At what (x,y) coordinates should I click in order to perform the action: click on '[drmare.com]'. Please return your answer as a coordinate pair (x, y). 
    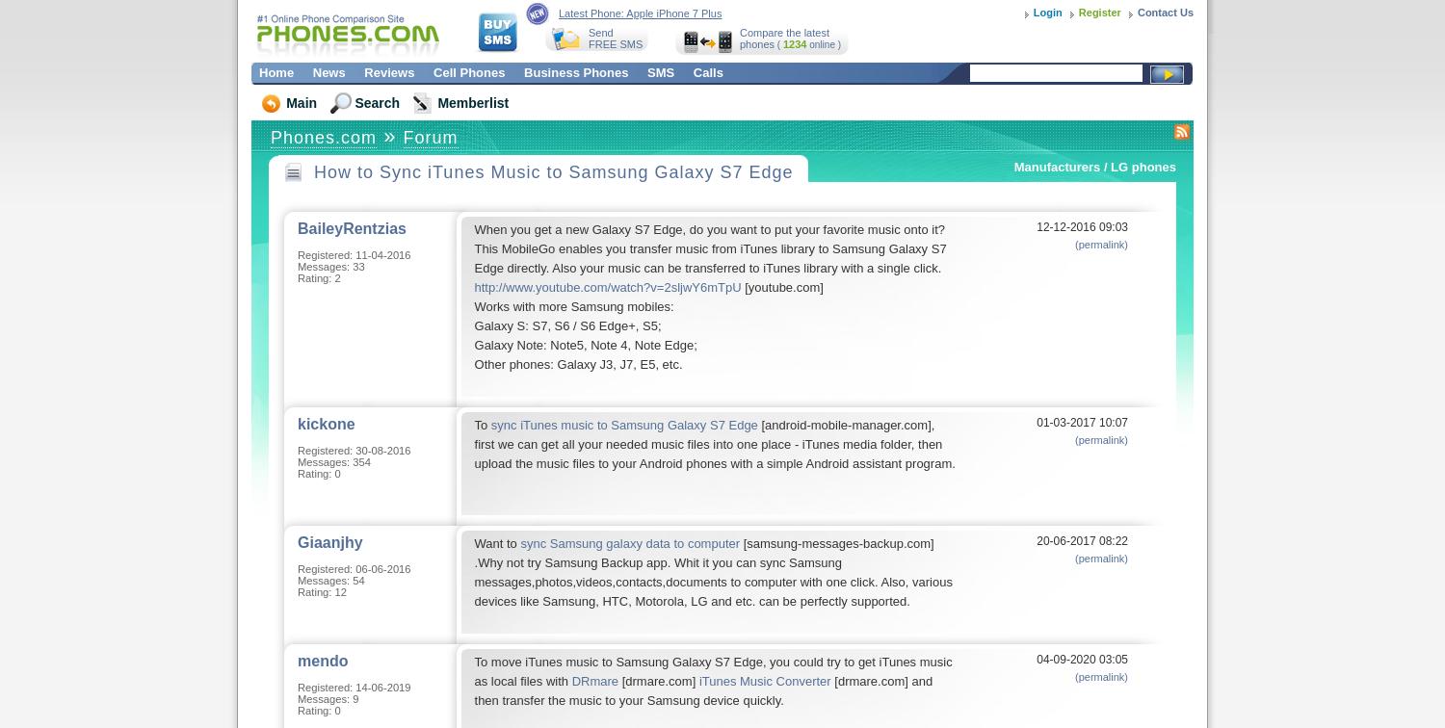
    Looking at the image, I should click on (658, 681).